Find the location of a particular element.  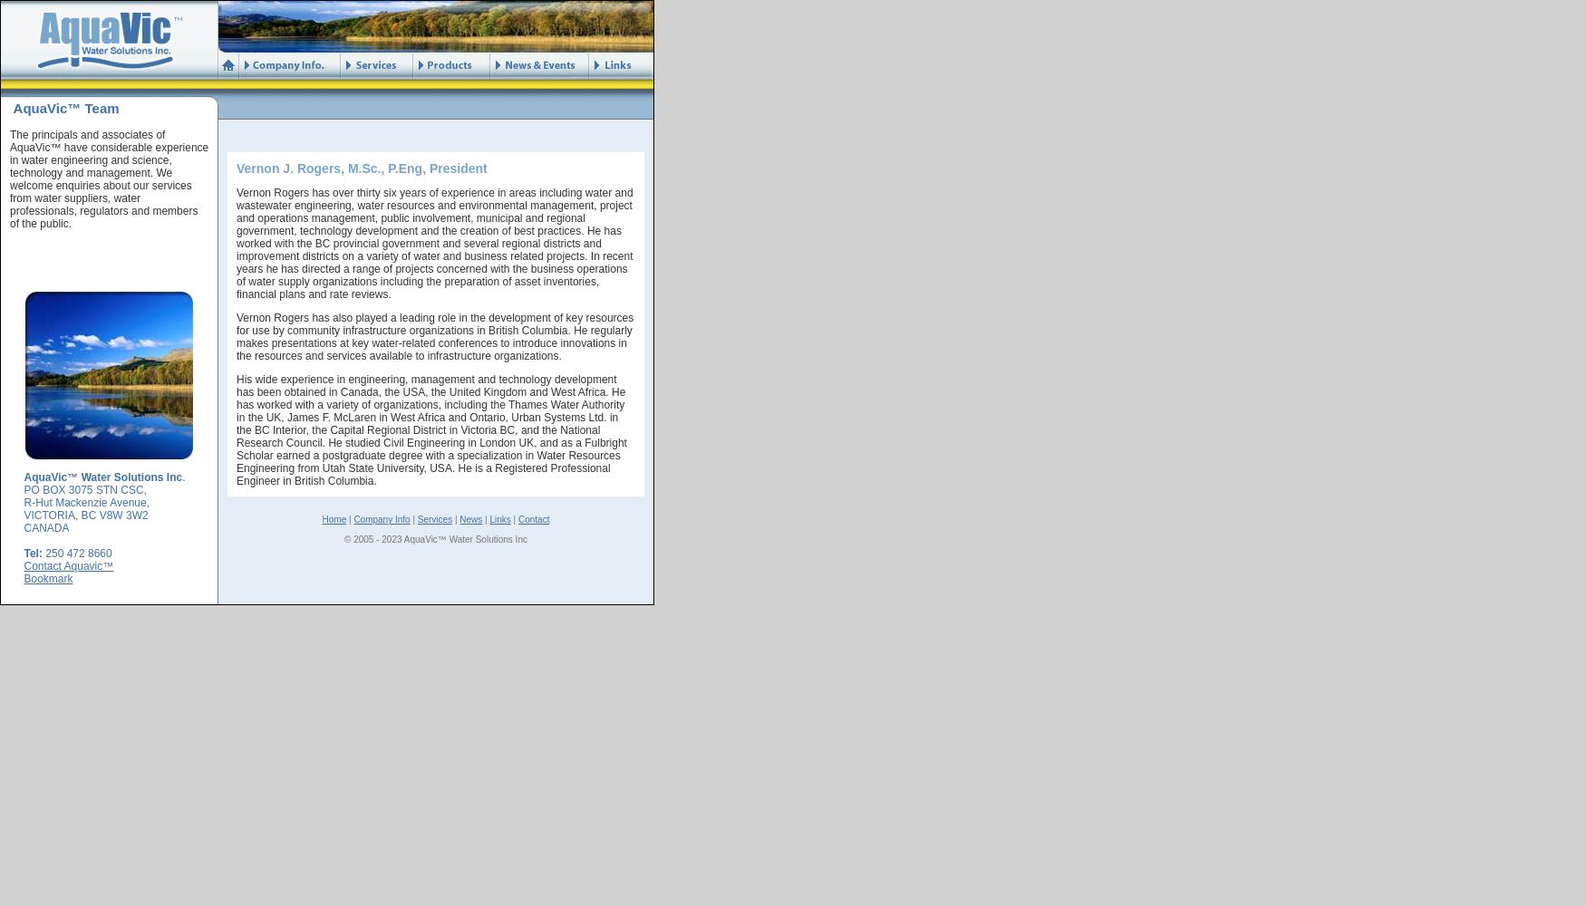

'Contact' is located at coordinates (534, 518).